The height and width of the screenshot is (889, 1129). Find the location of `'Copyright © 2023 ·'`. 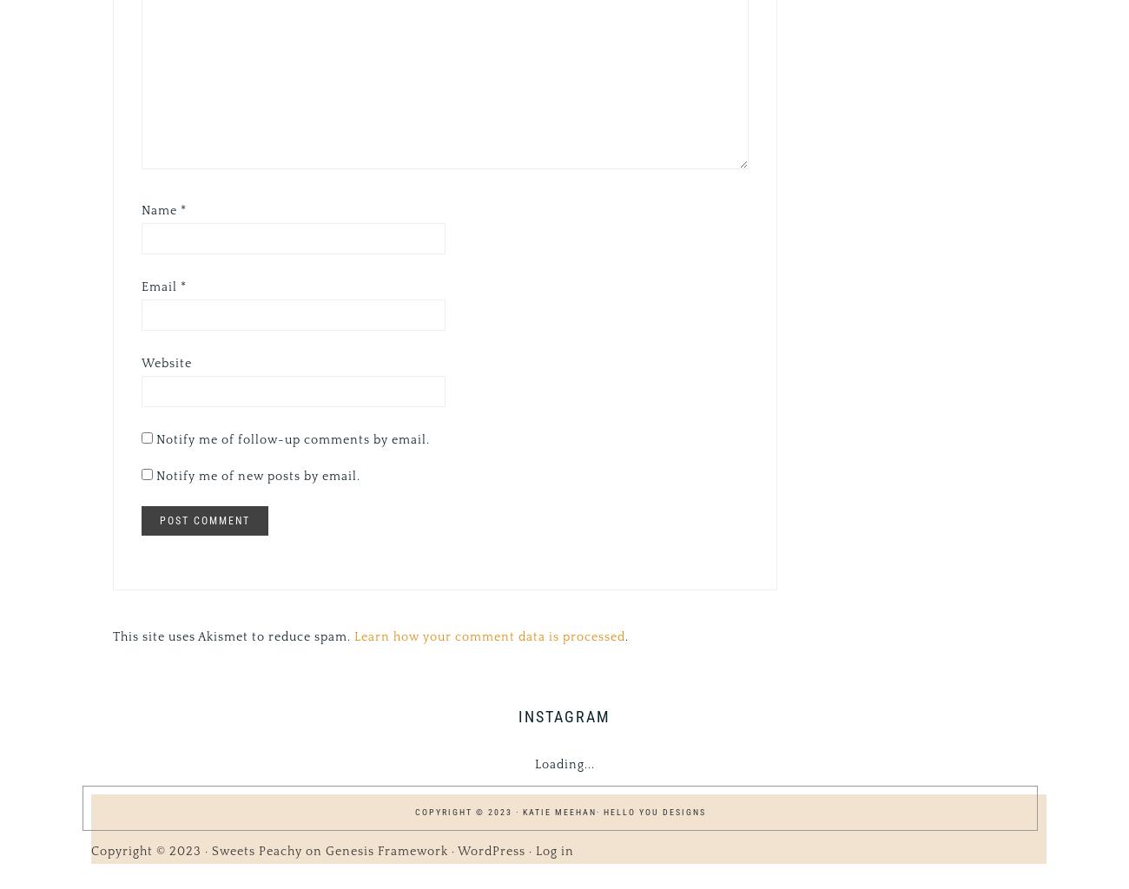

'Copyright © 2023 ·' is located at coordinates (151, 850).